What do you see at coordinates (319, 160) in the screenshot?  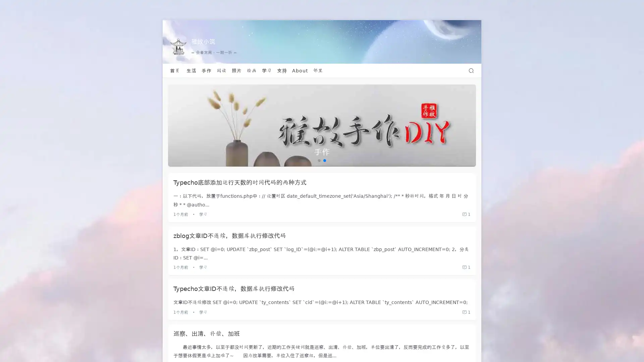 I see `Go to slide 1` at bounding box center [319, 160].